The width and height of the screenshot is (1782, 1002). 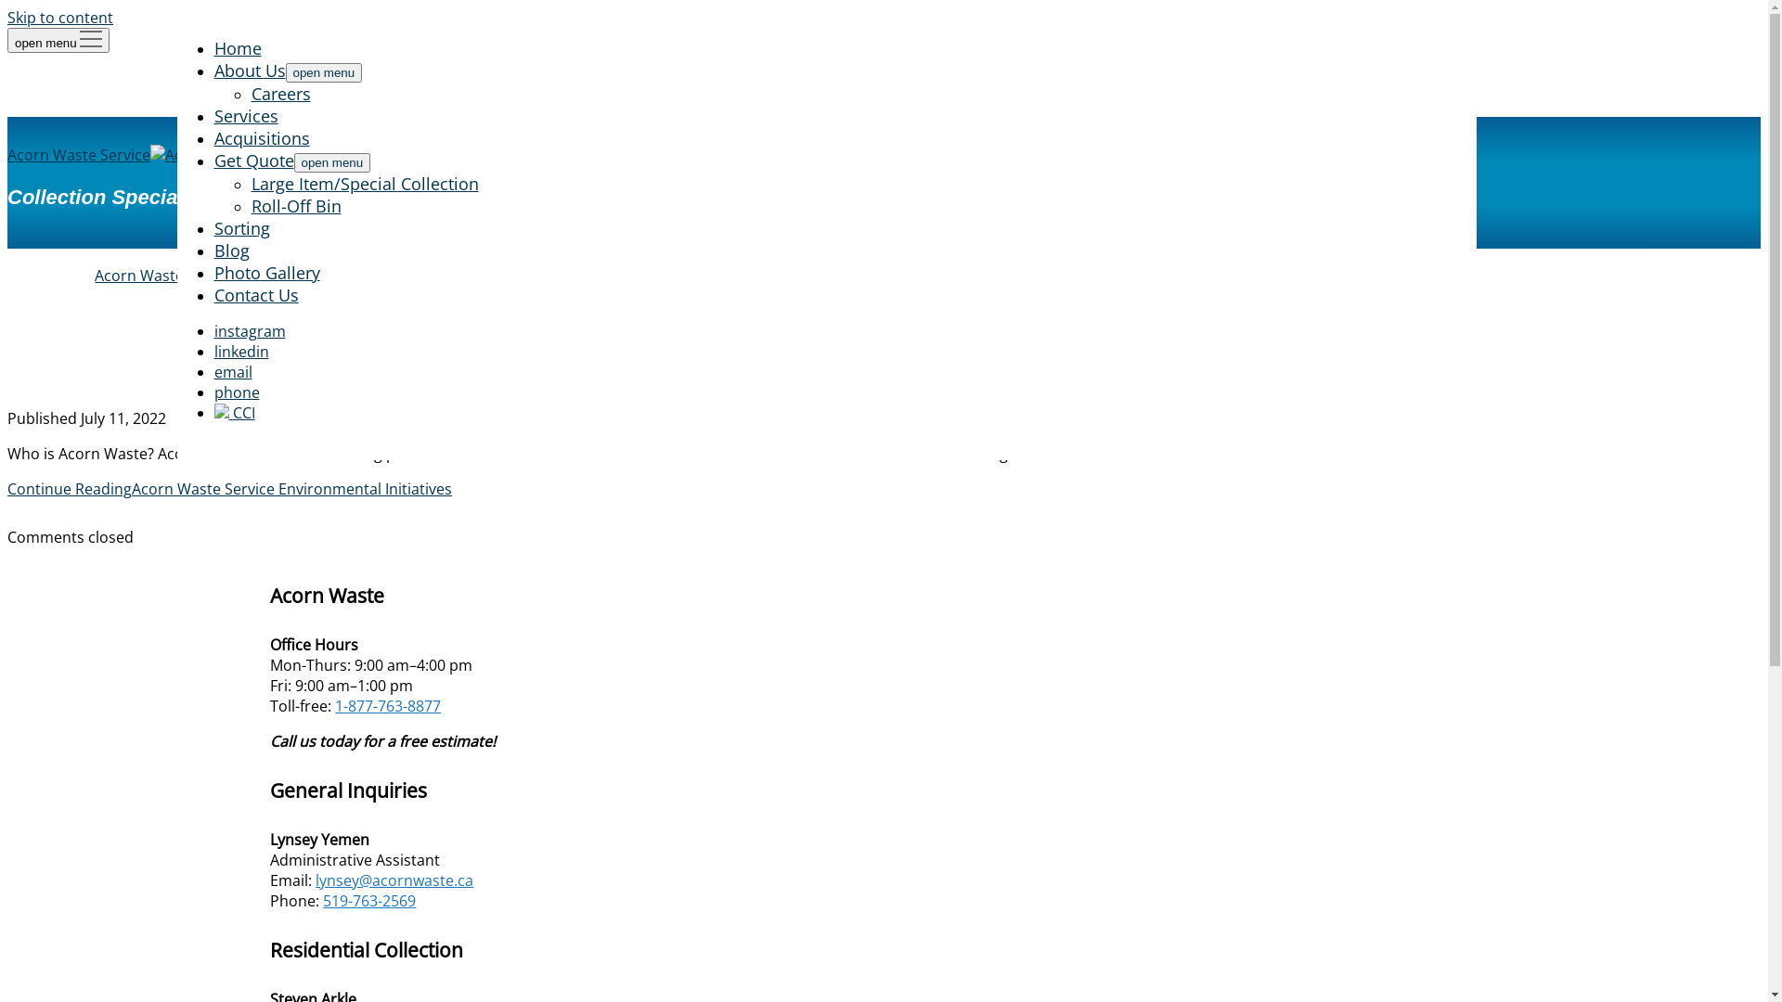 What do you see at coordinates (239, 227) in the screenshot?
I see `'Sorting'` at bounding box center [239, 227].